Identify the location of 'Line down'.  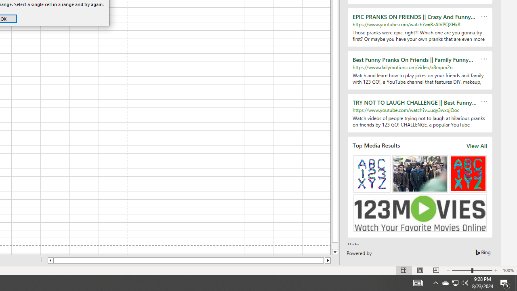
(335, 252).